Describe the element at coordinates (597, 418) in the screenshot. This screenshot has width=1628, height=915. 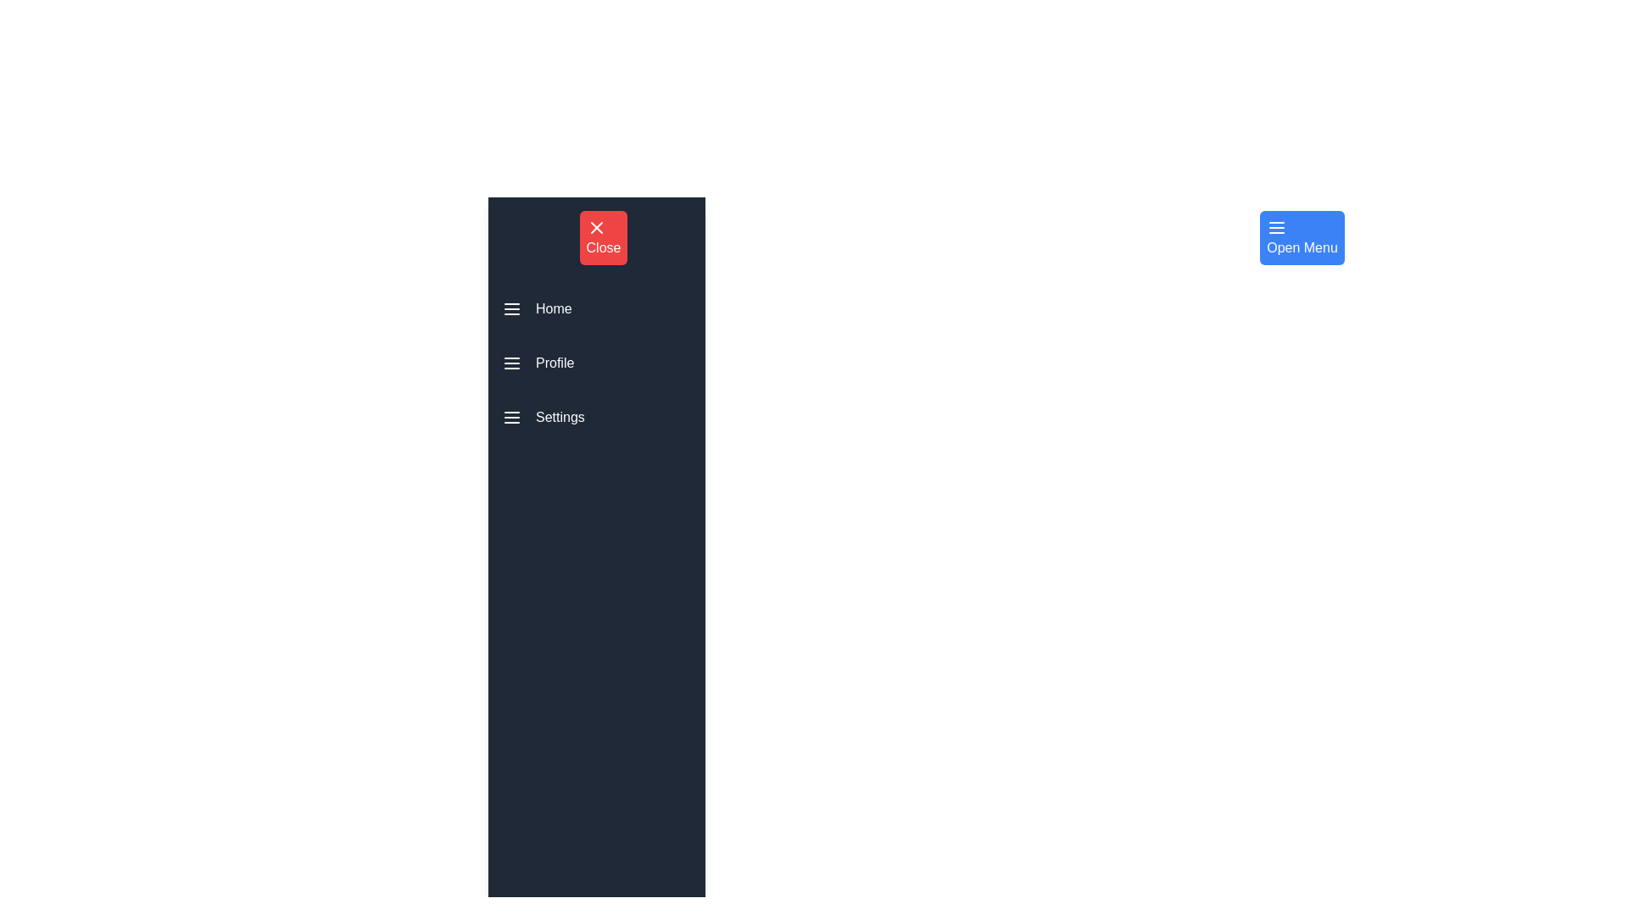
I see `the menu item Settings` at that location.